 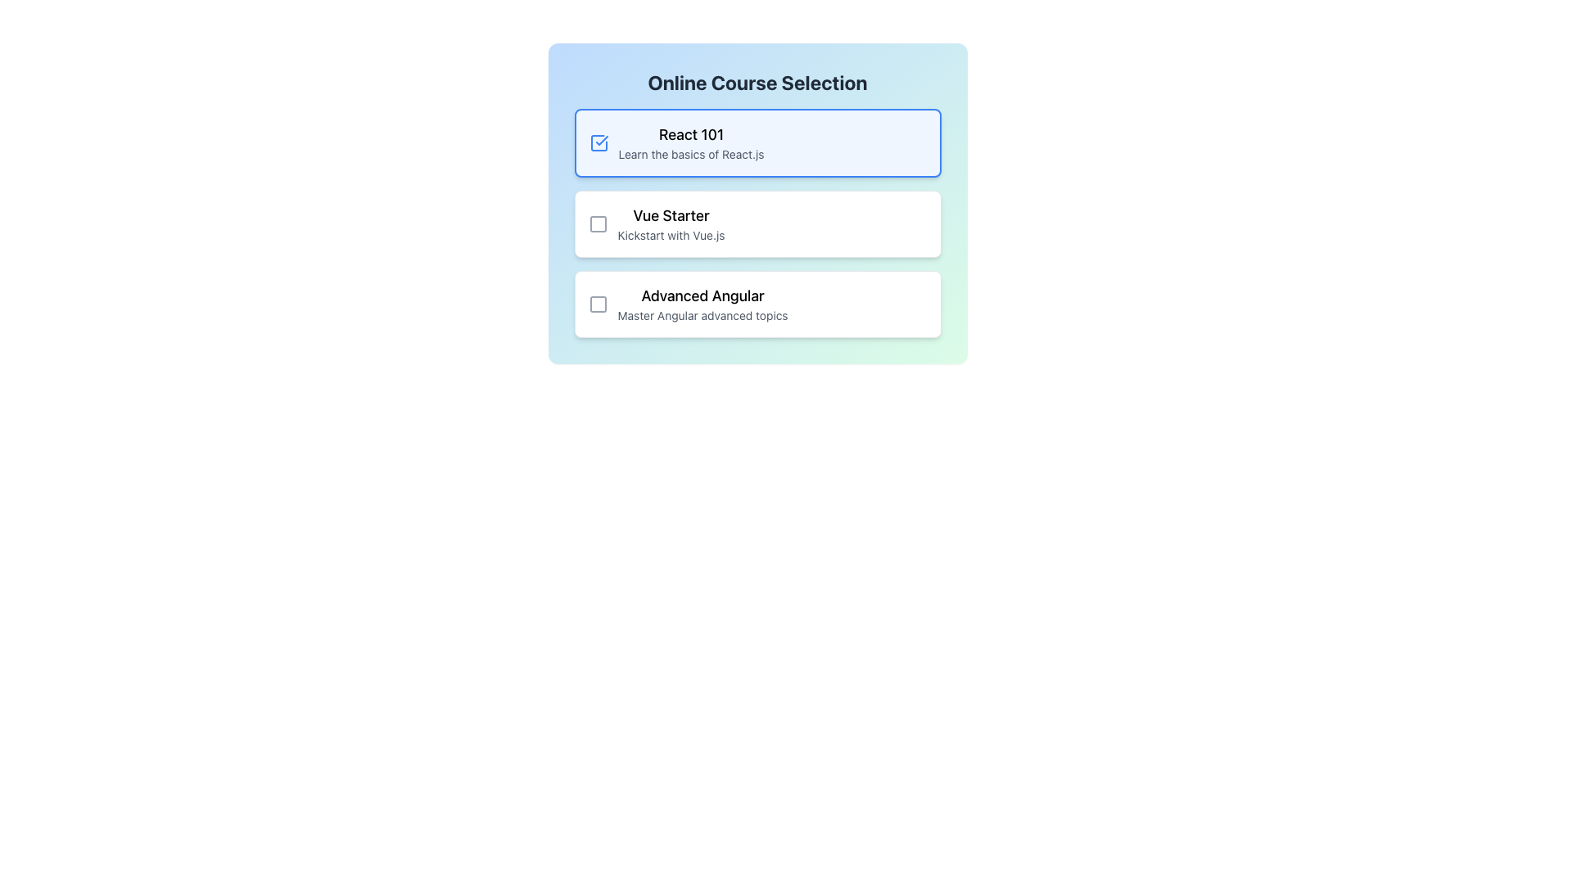 What do you see at coordinates (688, 304) in the screenshot?
I see `the 'Advanced Angular' course list item` at bounding box center [688, 304].